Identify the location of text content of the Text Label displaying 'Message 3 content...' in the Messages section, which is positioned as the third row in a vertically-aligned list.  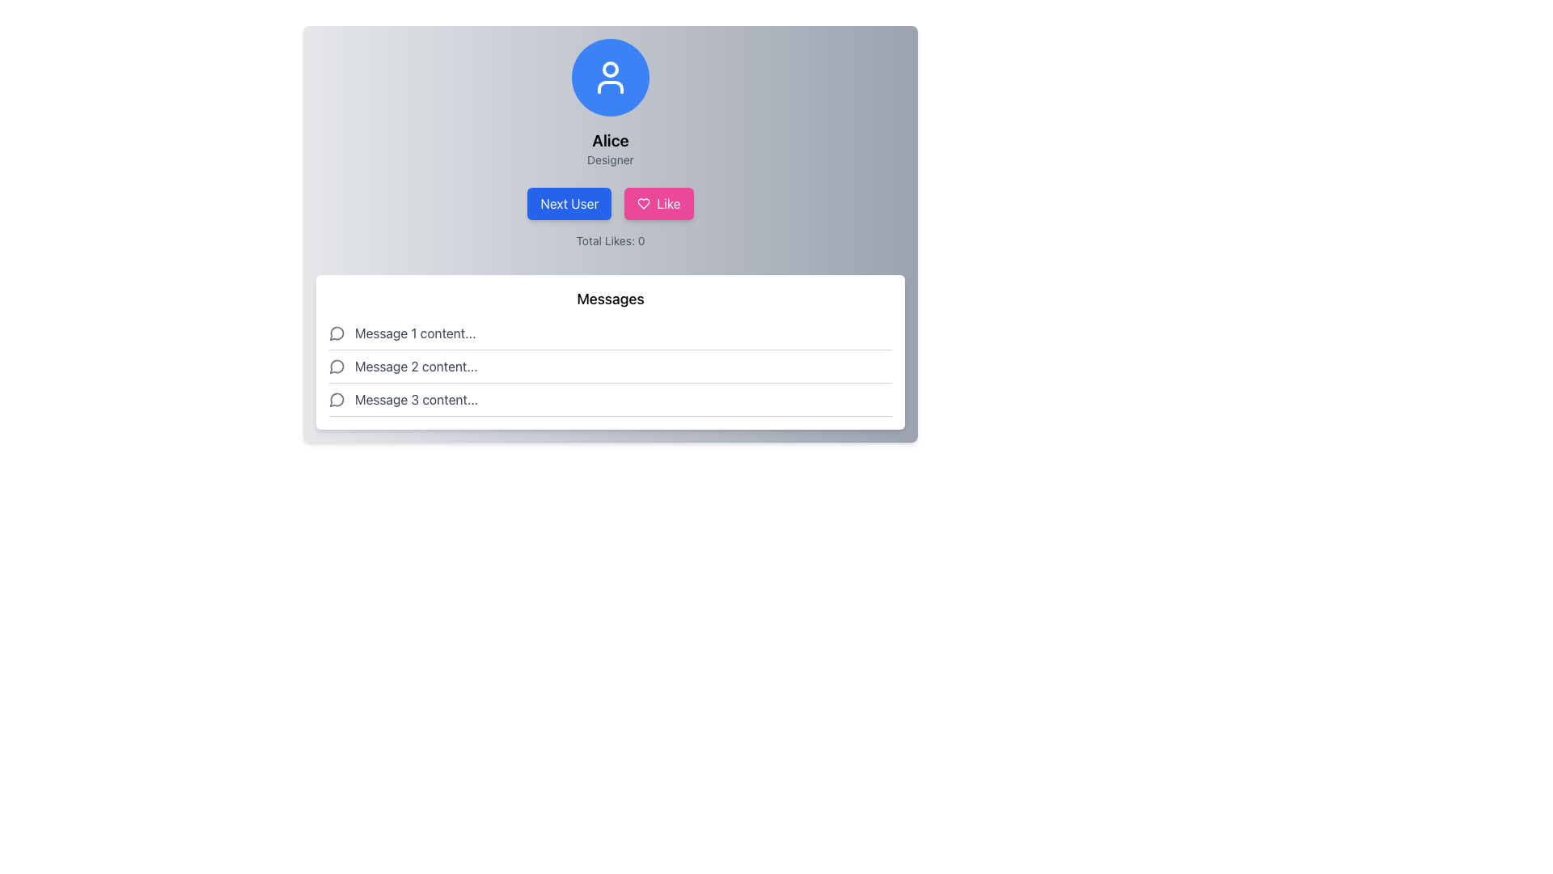
(417, 399).